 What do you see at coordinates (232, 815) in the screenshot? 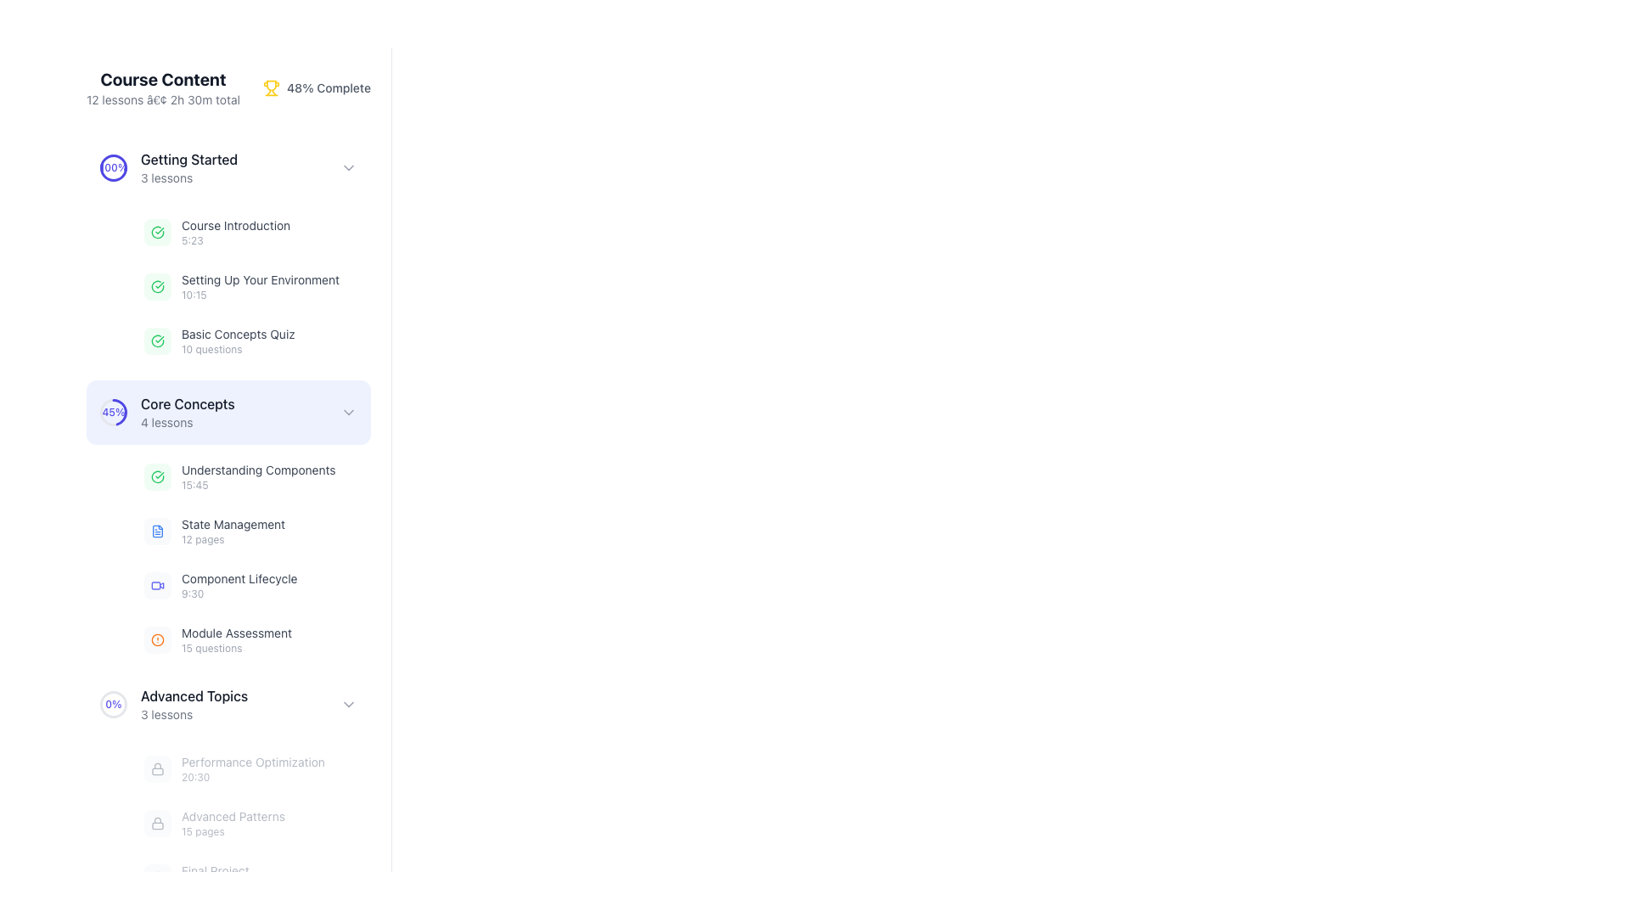
I see `the text label reading 'Advanced Patterns' which is styled with a small font size and gray color, located under the 'Advanced Topics' module` at bounding box center [232, 815].